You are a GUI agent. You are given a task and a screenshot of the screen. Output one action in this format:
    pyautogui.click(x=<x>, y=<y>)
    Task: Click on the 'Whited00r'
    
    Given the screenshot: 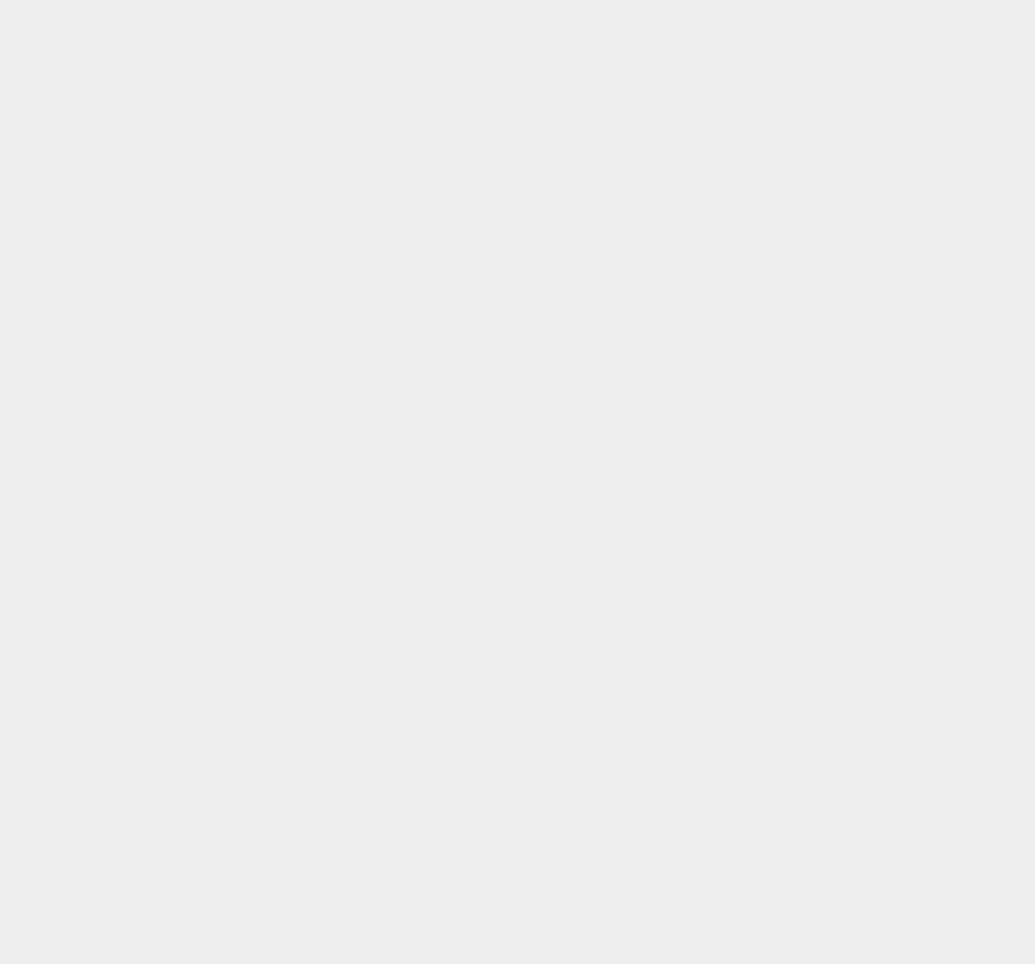 What is the action you would take?
    pyautogui.click(x=760, y=644)
    